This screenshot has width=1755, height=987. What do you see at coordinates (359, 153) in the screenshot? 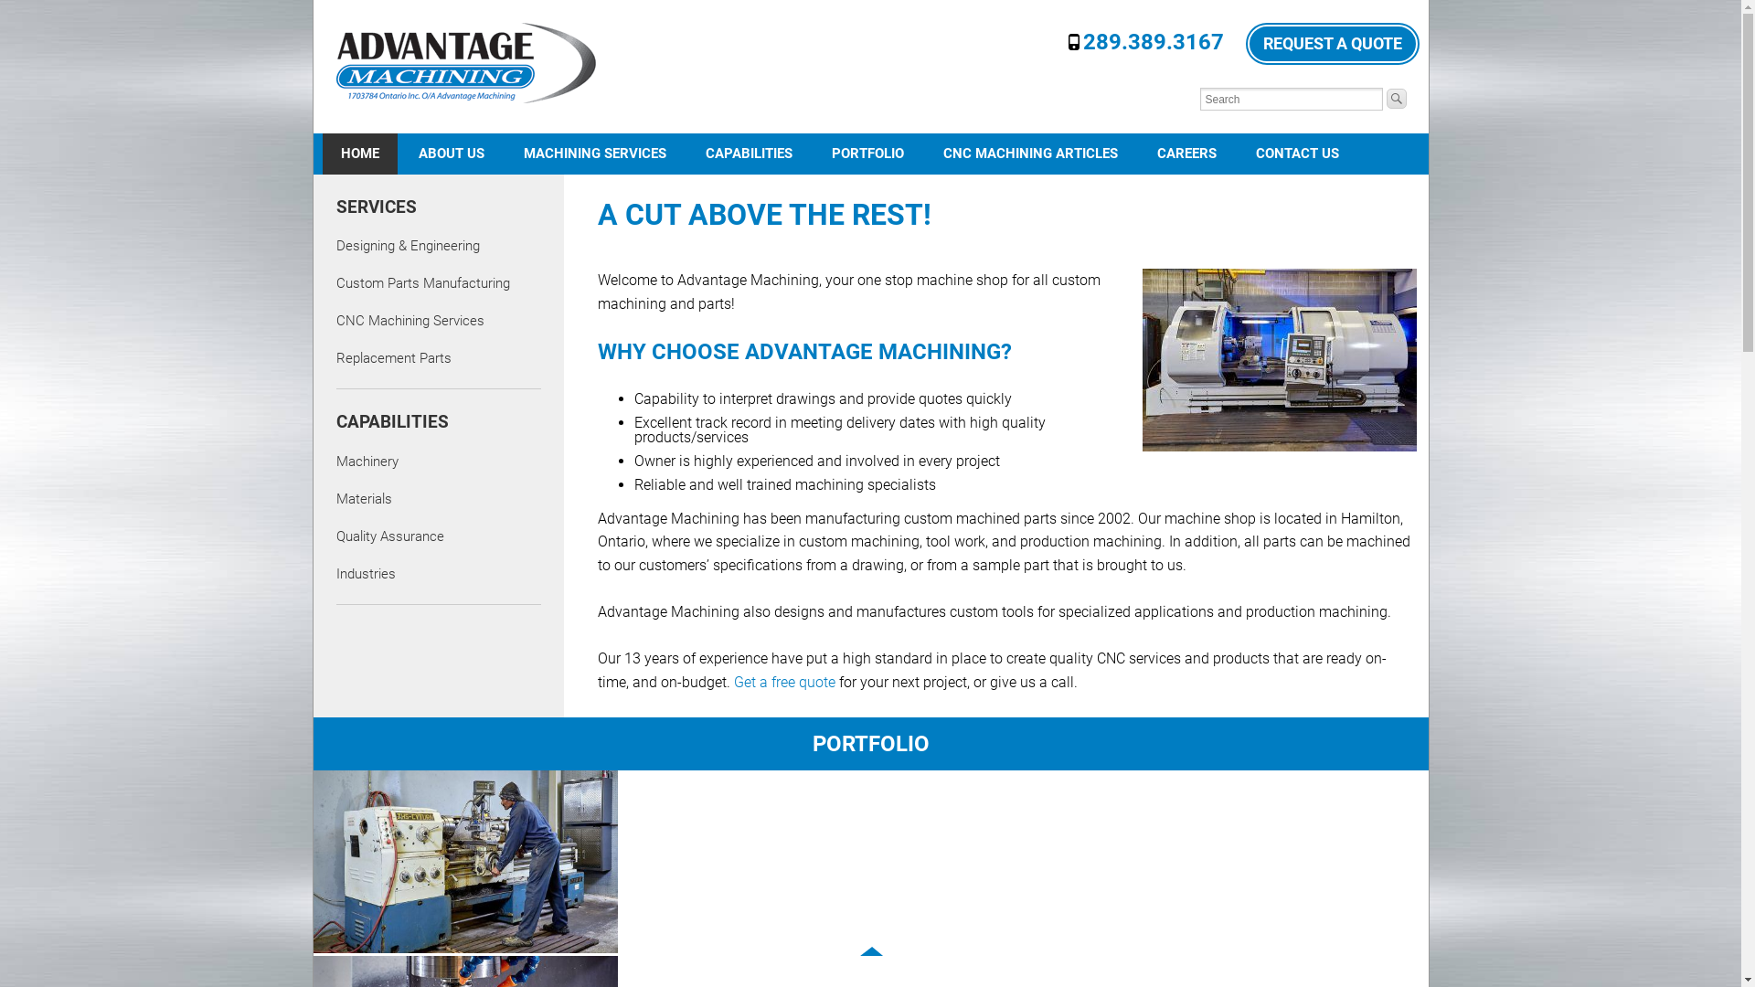
I see `'HOME'` at bounding box center [359, 153].